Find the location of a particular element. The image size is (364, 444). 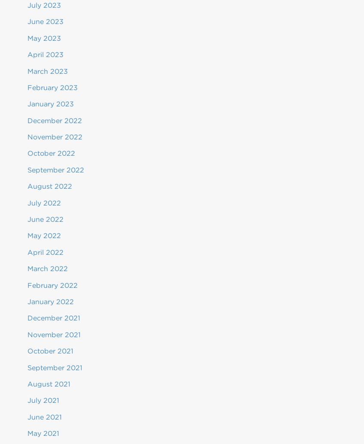

'May 2023' is located at coordinates (44, 38).